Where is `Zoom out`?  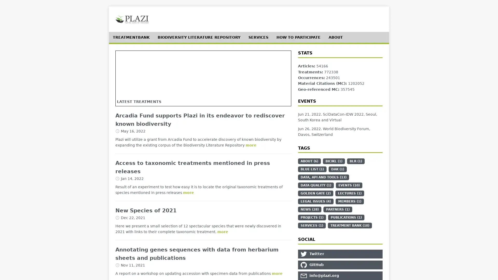
Zoom out is located at coordinates (124, 67).